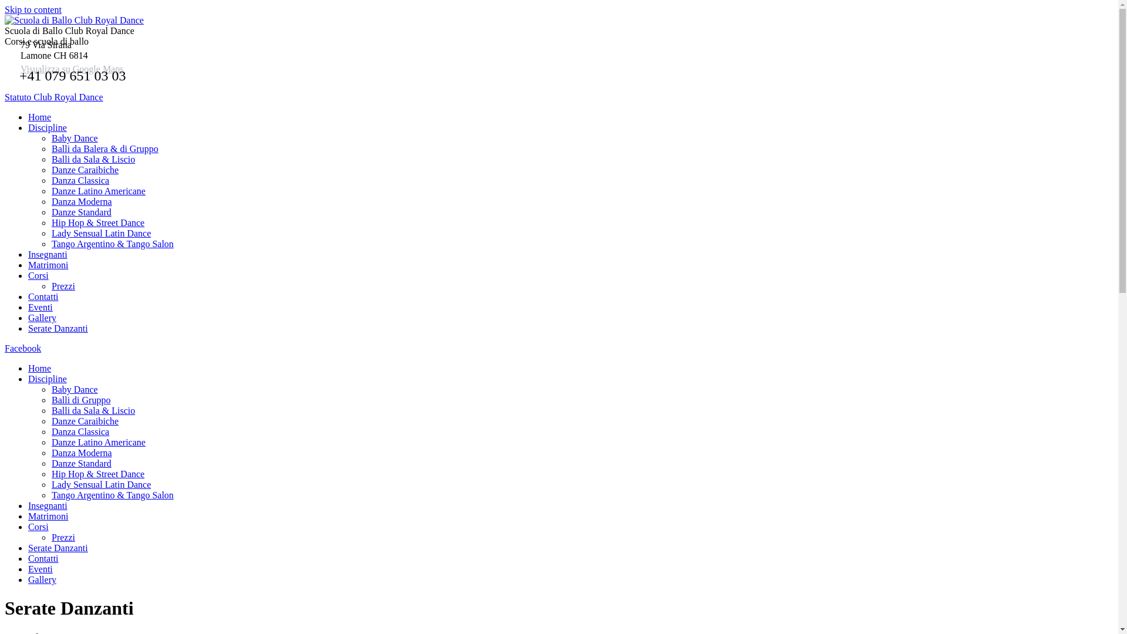 Image resolution: width=1127 pixels, height=634 pixels. I want to click on 'Skip to content', so click(33, 9).